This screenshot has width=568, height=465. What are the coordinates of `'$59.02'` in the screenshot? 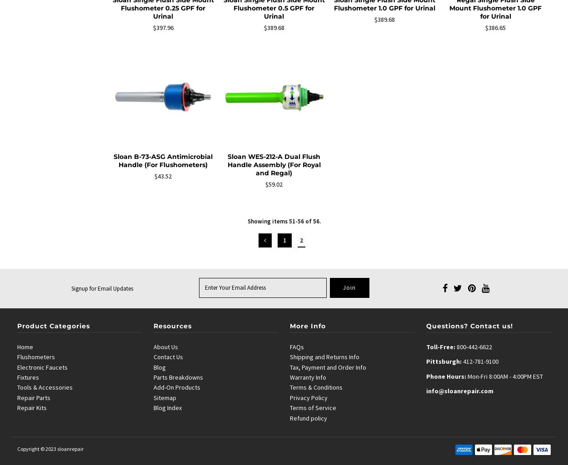 It's located at (265, 183).